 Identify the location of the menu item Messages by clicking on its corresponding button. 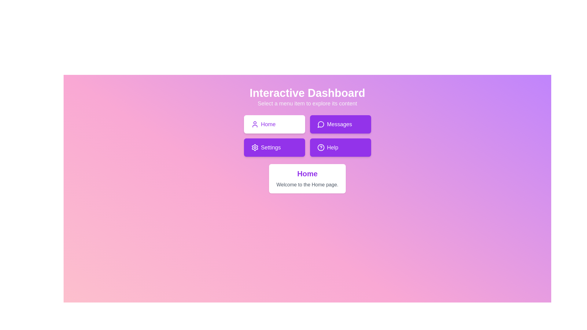
(340, 124).